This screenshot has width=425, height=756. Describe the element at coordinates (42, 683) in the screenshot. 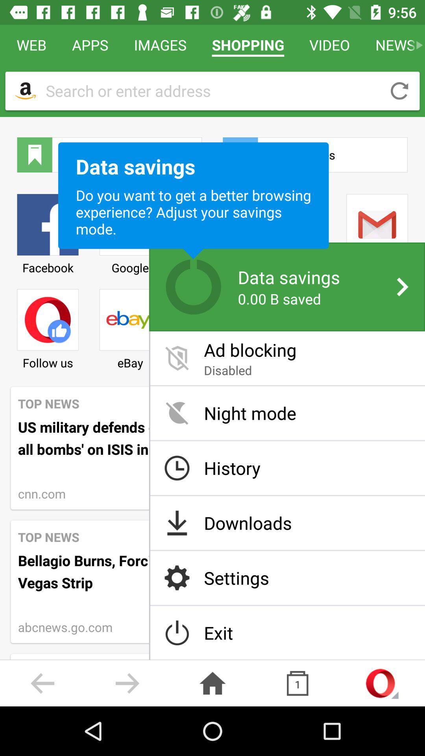

I see `the arrow_backward icon` at that location.